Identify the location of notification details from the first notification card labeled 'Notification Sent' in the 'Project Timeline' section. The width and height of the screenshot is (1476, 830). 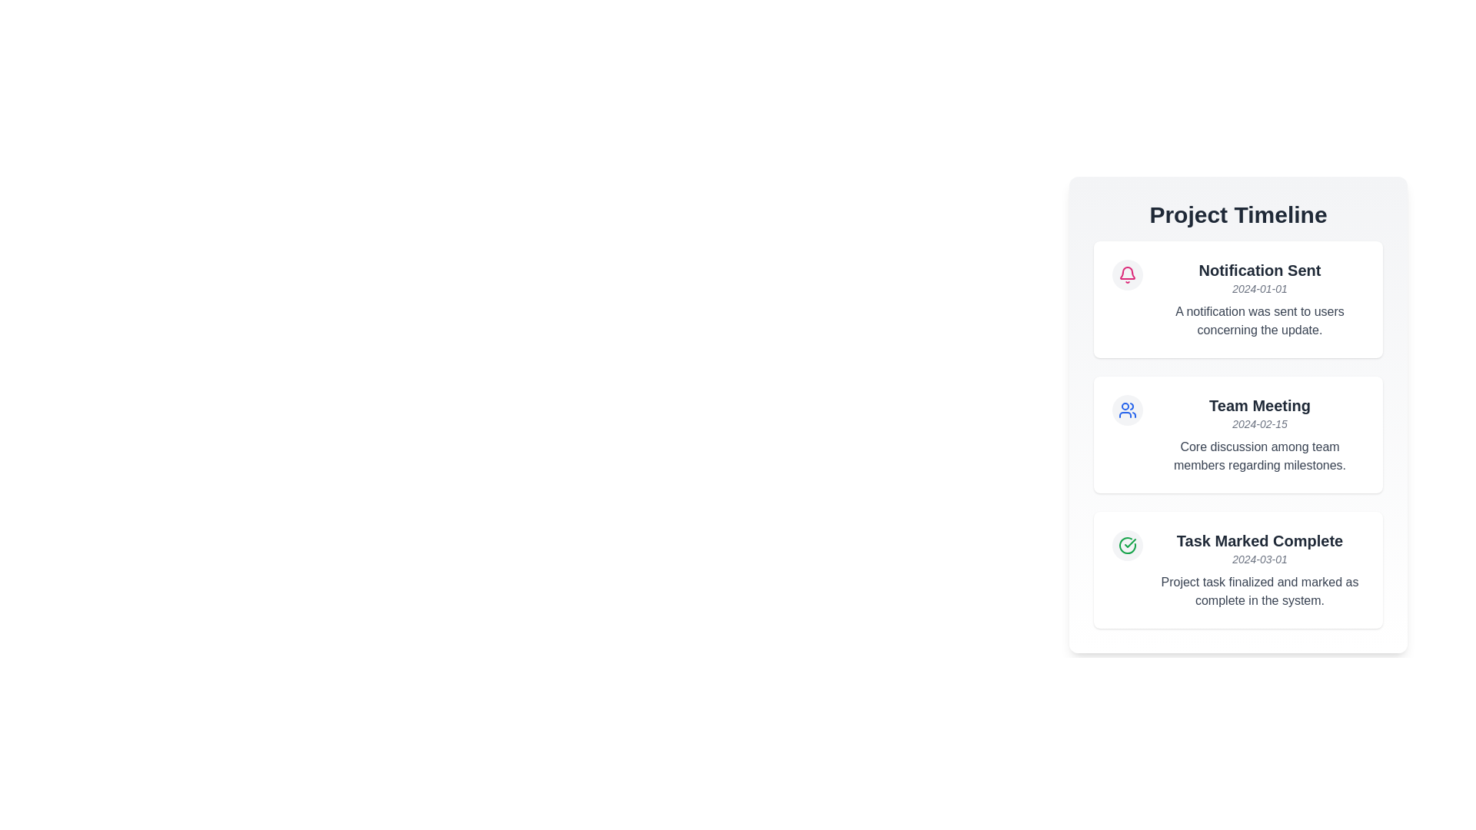
(1238, 299).